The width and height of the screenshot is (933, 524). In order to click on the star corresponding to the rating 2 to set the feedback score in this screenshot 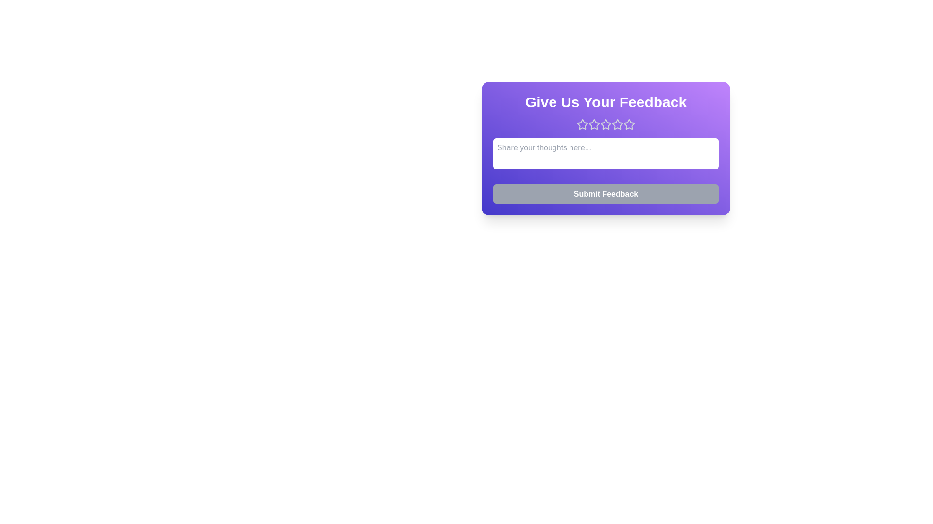, I will do `click(594, 124)`.